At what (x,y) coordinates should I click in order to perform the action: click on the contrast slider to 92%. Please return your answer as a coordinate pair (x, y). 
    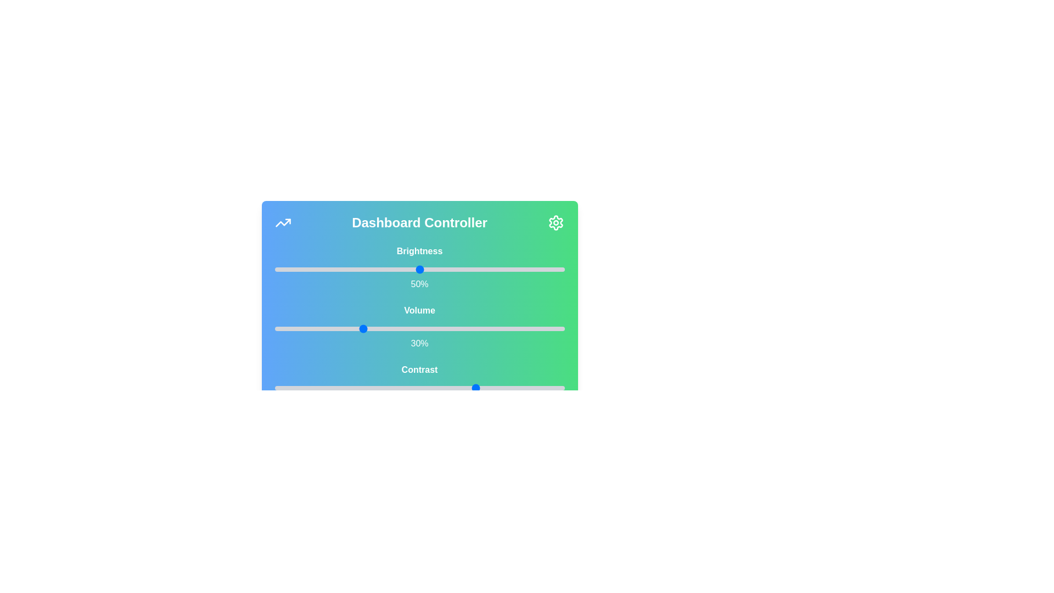
    Looking at the image, I should click on (541, 387).